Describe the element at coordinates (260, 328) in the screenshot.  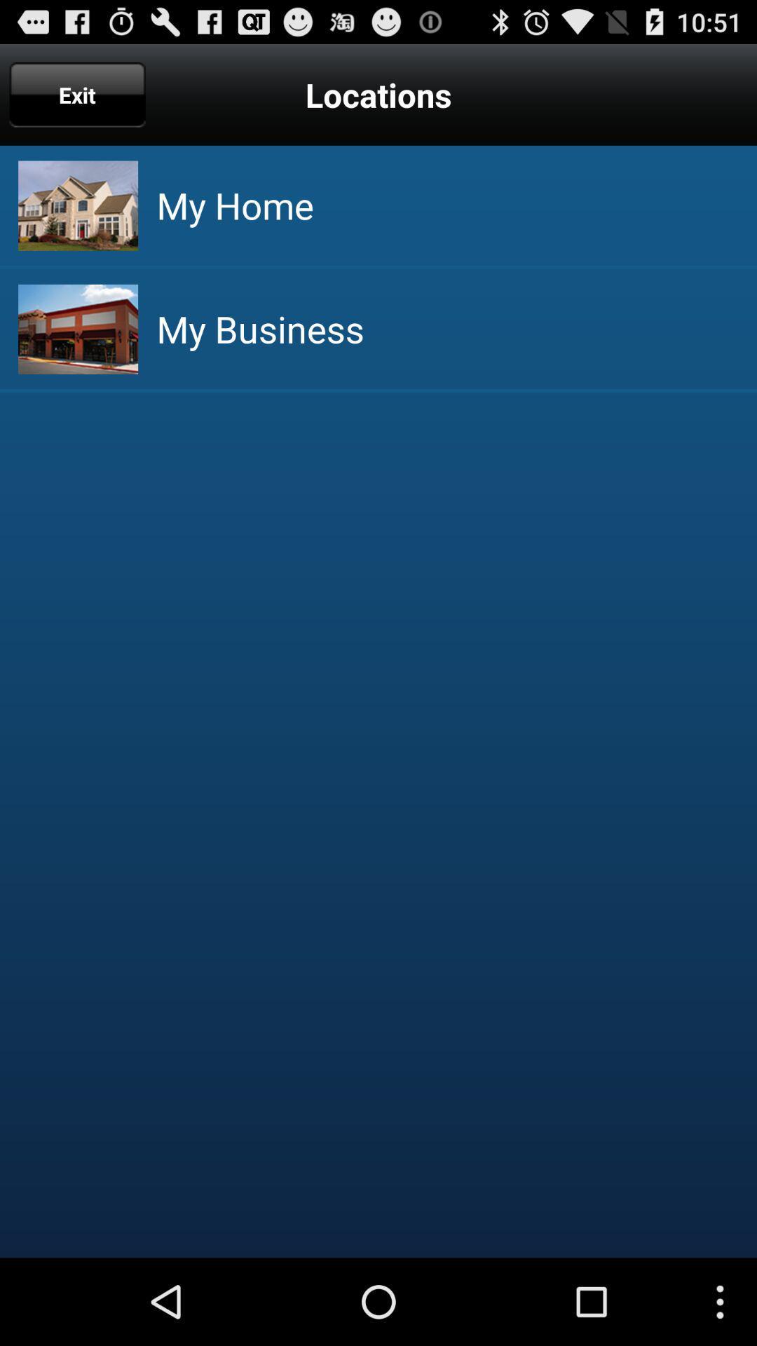
I see `the my business` at that location.